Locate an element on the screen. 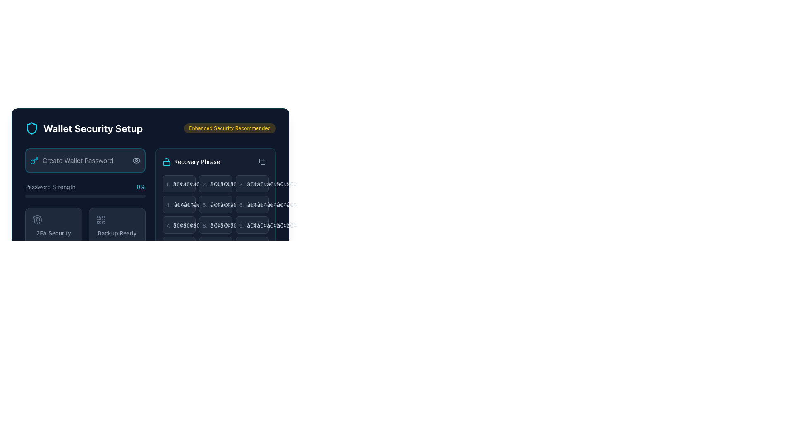 This screenshot has height=446, width=794. text label indicating the functionality of the two-factor authentication security settings, located beneath the fingerprint icon and adjacent to the 'Backup Ready' tile in the bottom section of the tile is located at coordinates (53, 233).